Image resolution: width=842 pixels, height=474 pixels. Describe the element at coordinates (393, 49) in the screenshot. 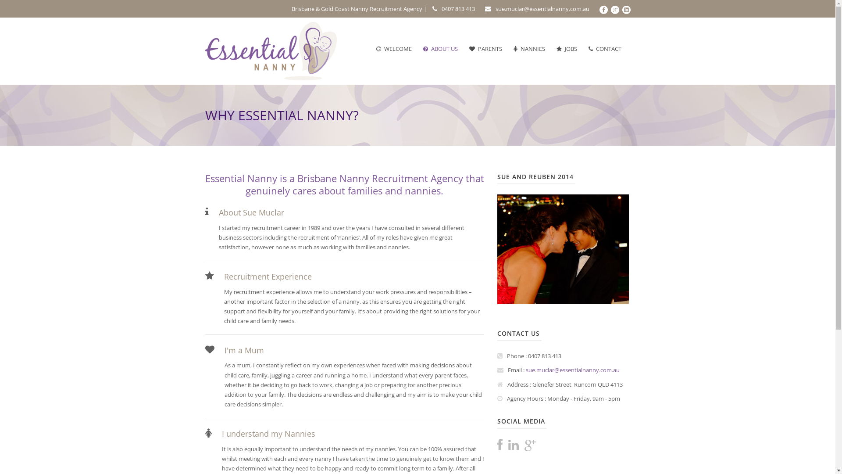

I see `'WELCOME'` at that location.